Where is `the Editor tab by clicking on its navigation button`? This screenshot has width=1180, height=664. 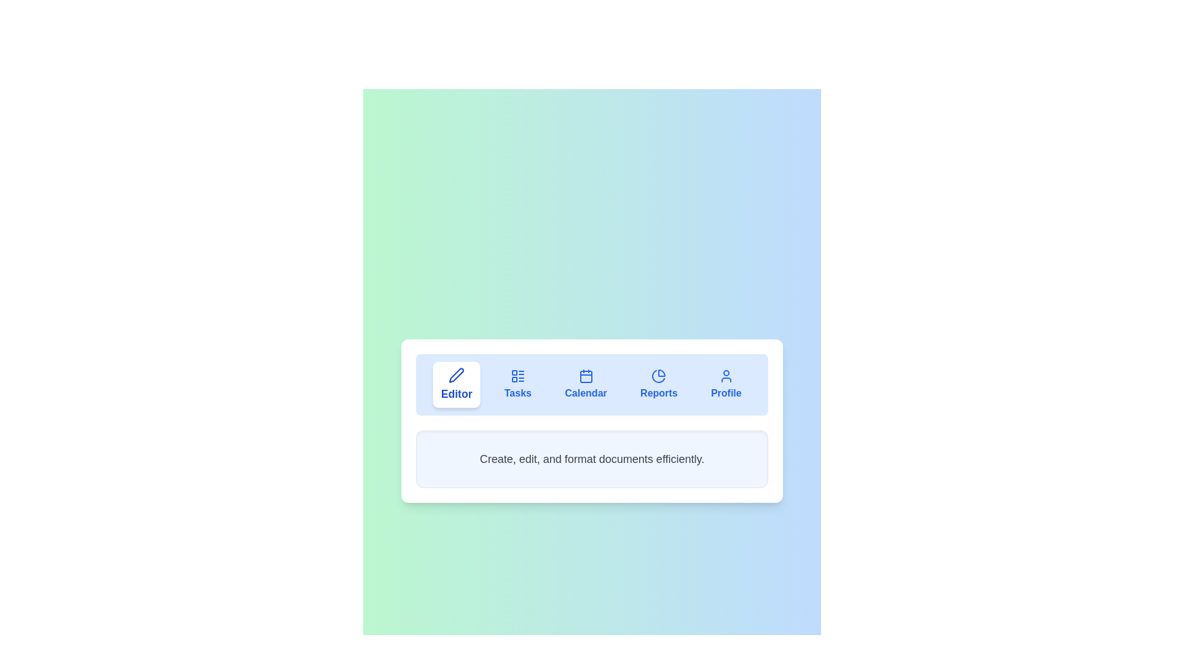
the Editor tab by clicking on its navigation button is located at coordinates (456, 384).